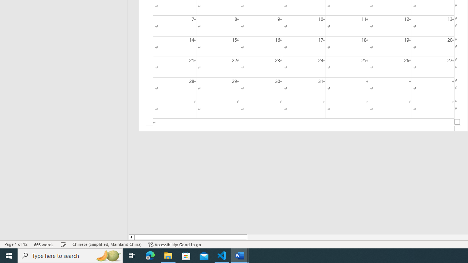 The image size is (468, 263). What do you see at coordinates (303, 128) in the screenshot?
I see `'Footer -Section 1-'` at bounding box center [303, 128].